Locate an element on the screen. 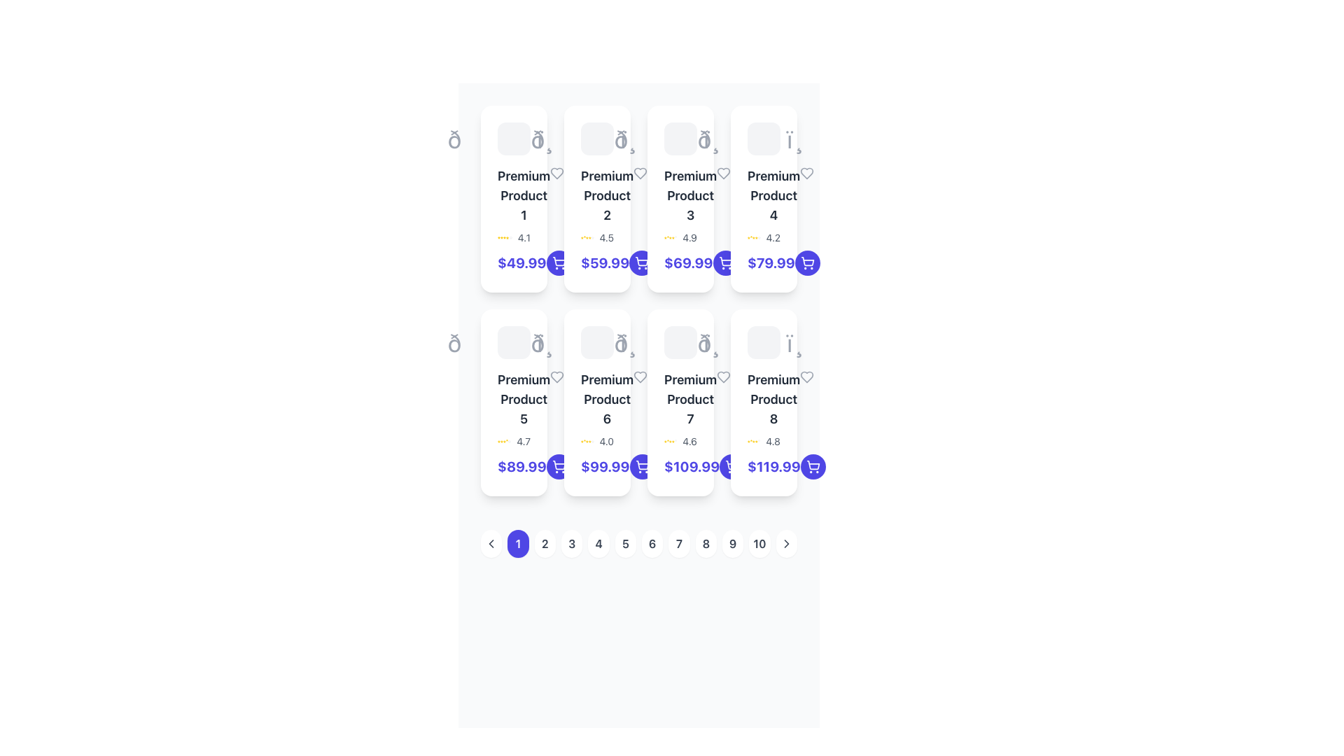 Image resolution: width=1344 pixels, height=756 pixels. the button on the product card for 'Premium Product 3' priced at $69.99 is located at coordinates (725, 262).